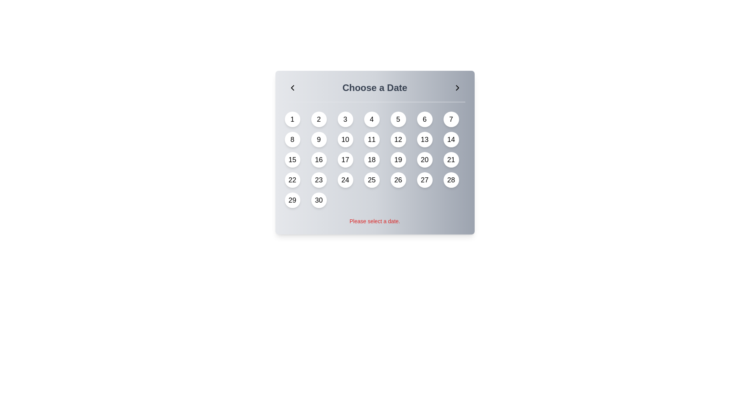 This screenshot has width=747, height=420. I want to click on the button labeled '9' in the calendar interface, so click(319, 139).